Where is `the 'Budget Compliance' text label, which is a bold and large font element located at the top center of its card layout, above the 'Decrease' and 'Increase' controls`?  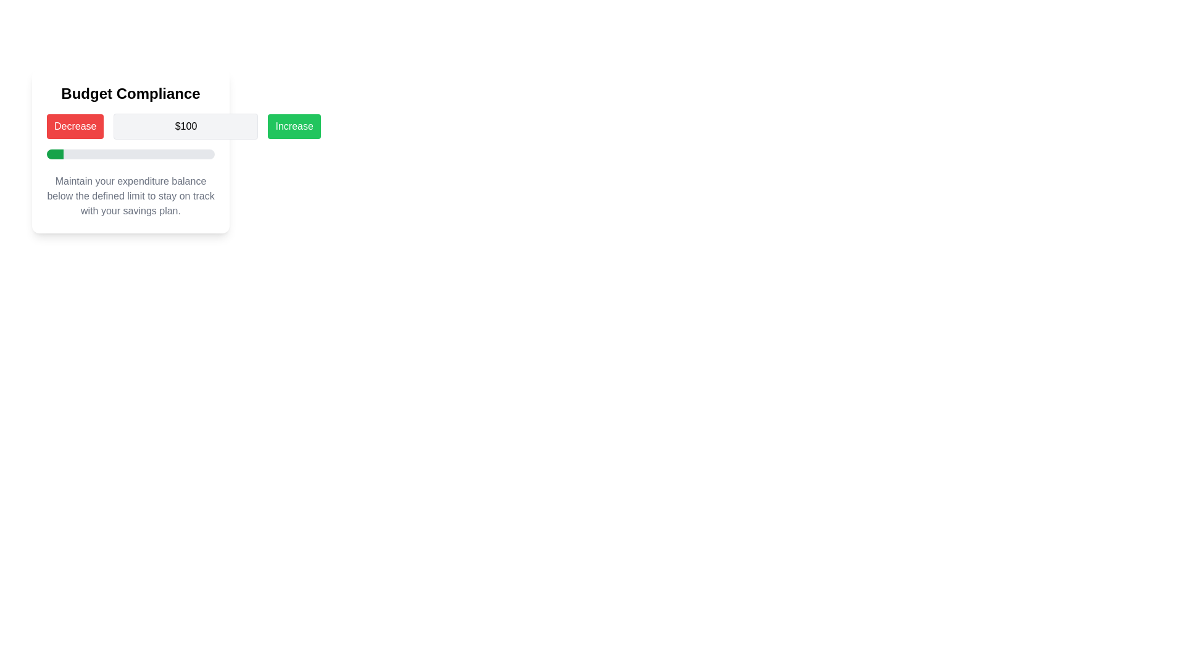
the 'Budget Compliance' text label, which is a bold and large font element located at the top center of its card layout, above the 'Decrease' and 'Increase' controls is located at coordinates (130, 93).